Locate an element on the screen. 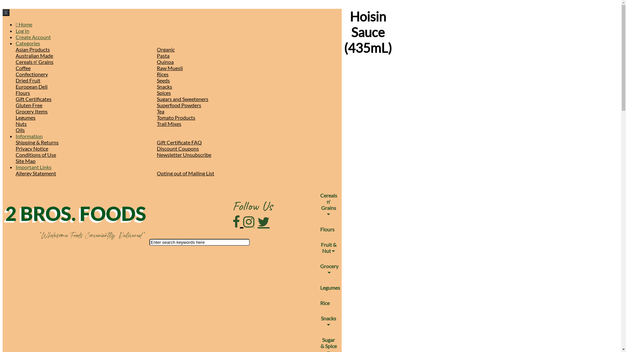 Image resolution: width=626 pixels, height=352 pixels. 'European Deli' is located at coordinates (16, 86).